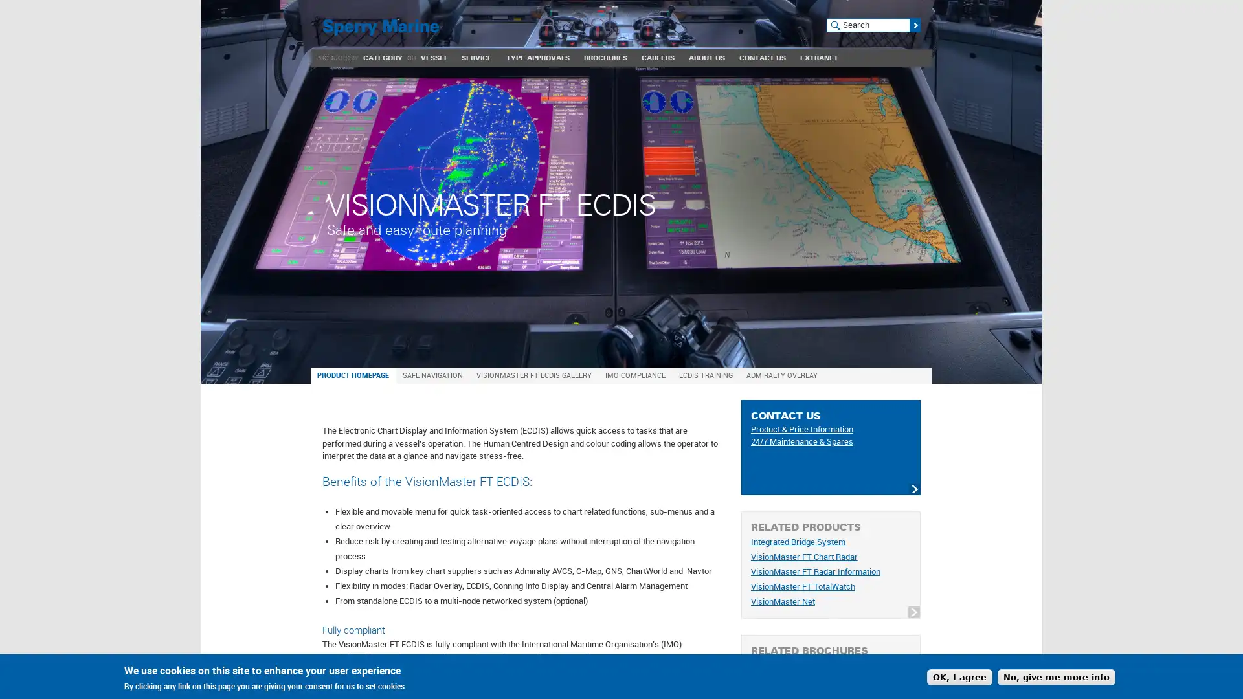  What do you see at coordinates (913, 25) in the screenshot?
I see `Search` at bounding box center [913, 25].